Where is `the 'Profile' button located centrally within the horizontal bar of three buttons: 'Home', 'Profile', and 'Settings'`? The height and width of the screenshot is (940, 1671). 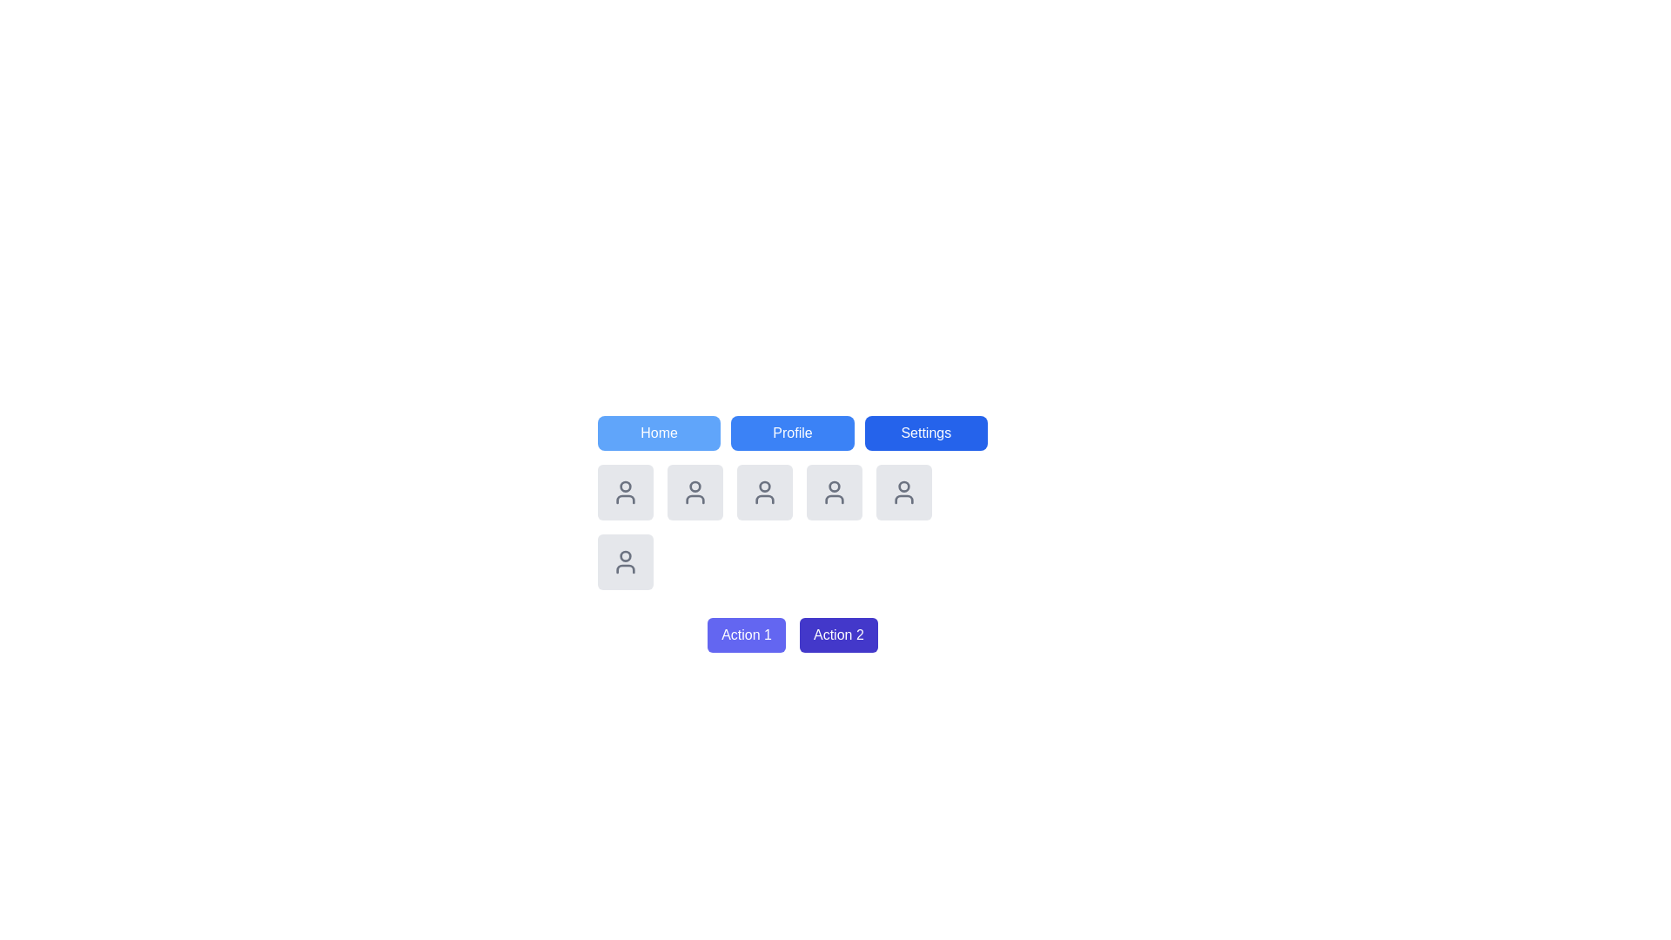
the 'Profile' button located centrally within the horizontal bar of three buttons: 'Home', 'Profile', and 'Settings' is located at coordinates (792, 432).